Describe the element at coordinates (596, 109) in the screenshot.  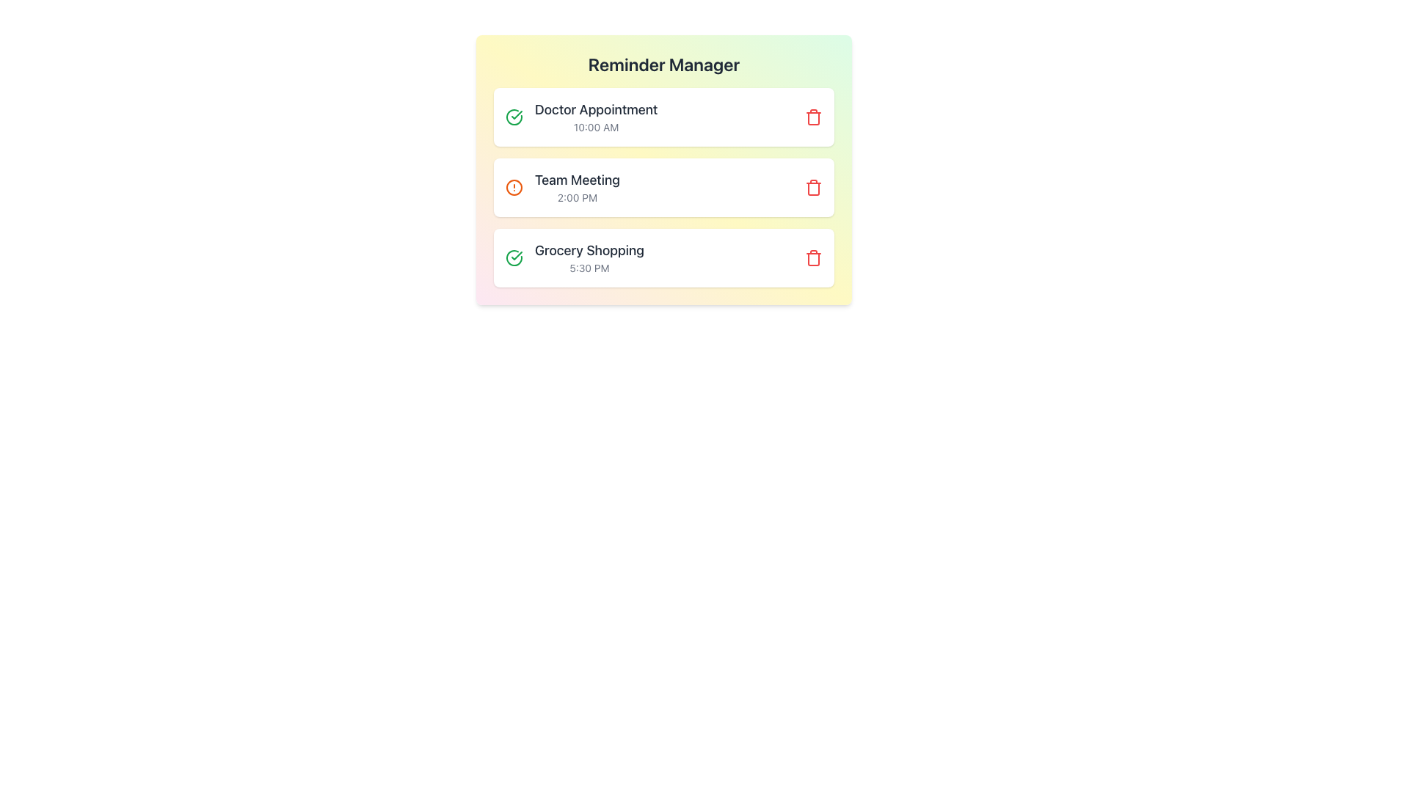
I see `the Static Text Label displaying 'Doctor Appointment', which is styled in bold, medium-large dark gray font and located above '10:00 AM' in the 'Reminder Manager' interface` at that location.